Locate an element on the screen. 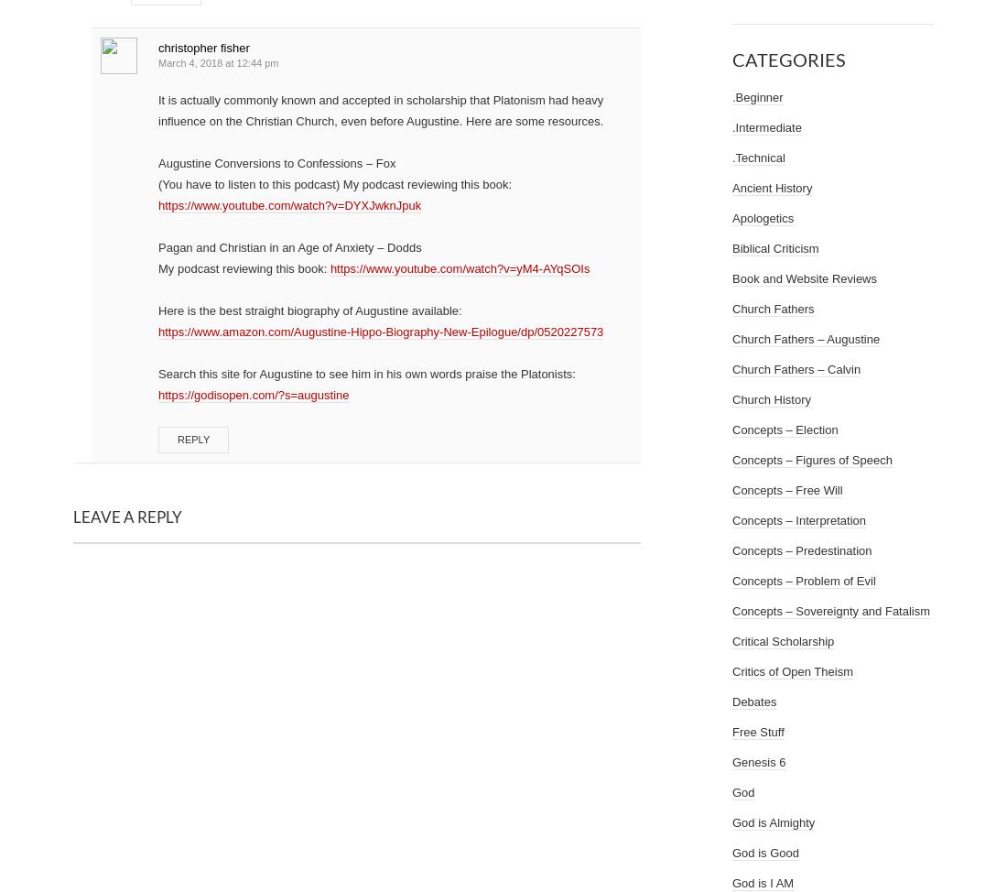 The image size is (1007, 892). 'Concepts – Figures of Speech' is located at coordinates (811, 460).